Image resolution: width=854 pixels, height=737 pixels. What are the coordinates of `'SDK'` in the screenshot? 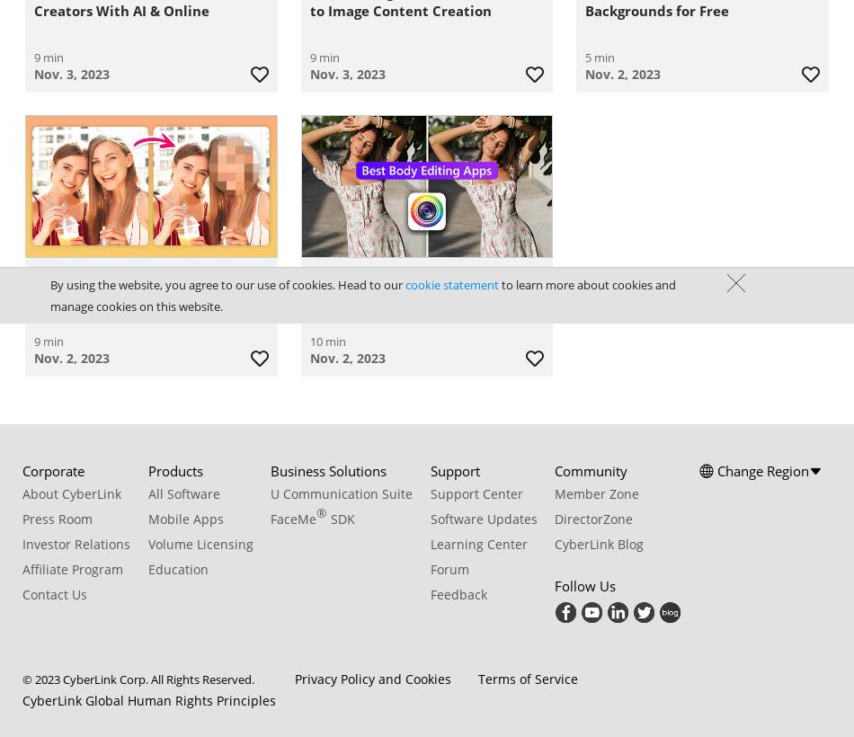 It's located at (340, 518).